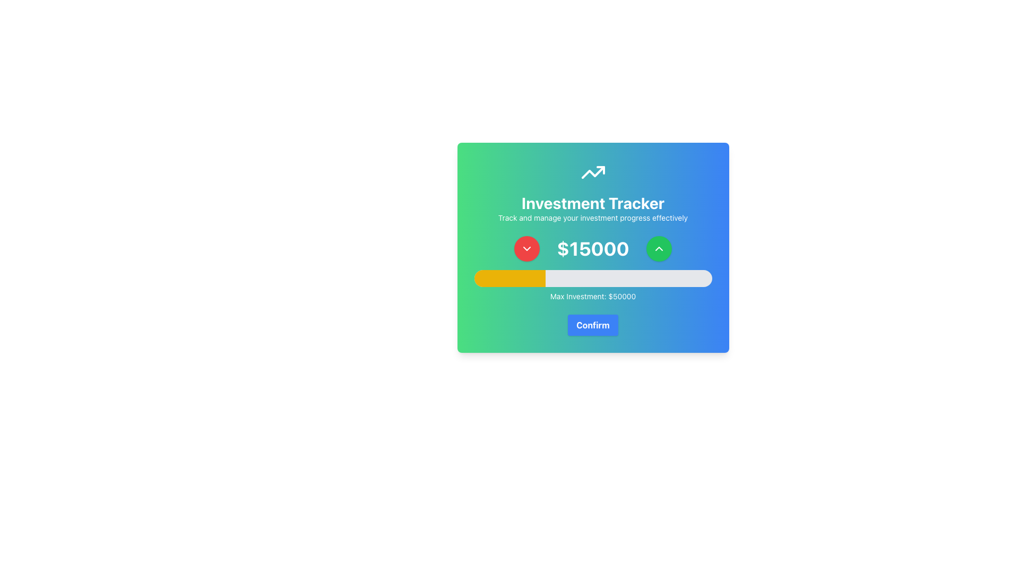 Image resolution: width=1019 pixels, height=573 pixels. Describe the element at coordinates (592, 268) in the screenshot. I see `the progress bar in the 'Investment Tracker' card that visually represents the investment progress, located below the current investment amount '$15000' and above the 'Confirm' button` at that location.